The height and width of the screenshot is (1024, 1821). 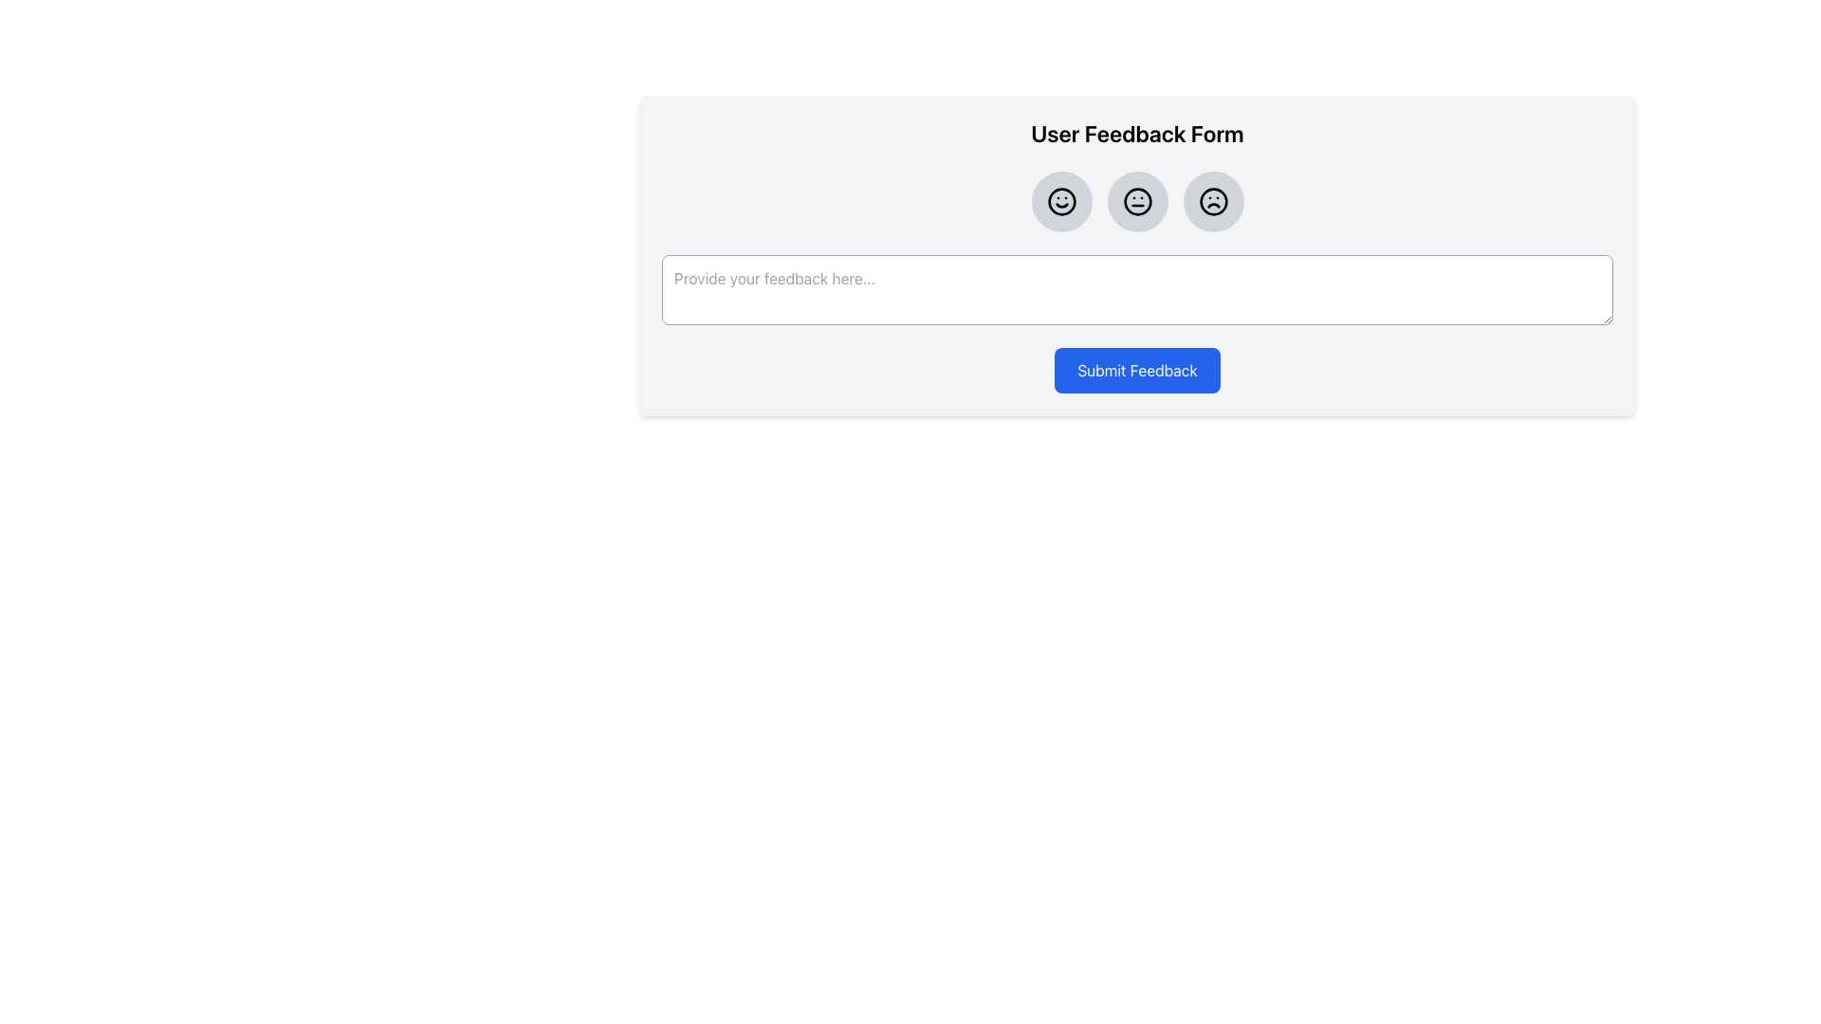 What do you see at coordinates (1212, 201) in the screenshot?
I see `the circular button with a frowning face icon` at bounding box center [1212, 201].